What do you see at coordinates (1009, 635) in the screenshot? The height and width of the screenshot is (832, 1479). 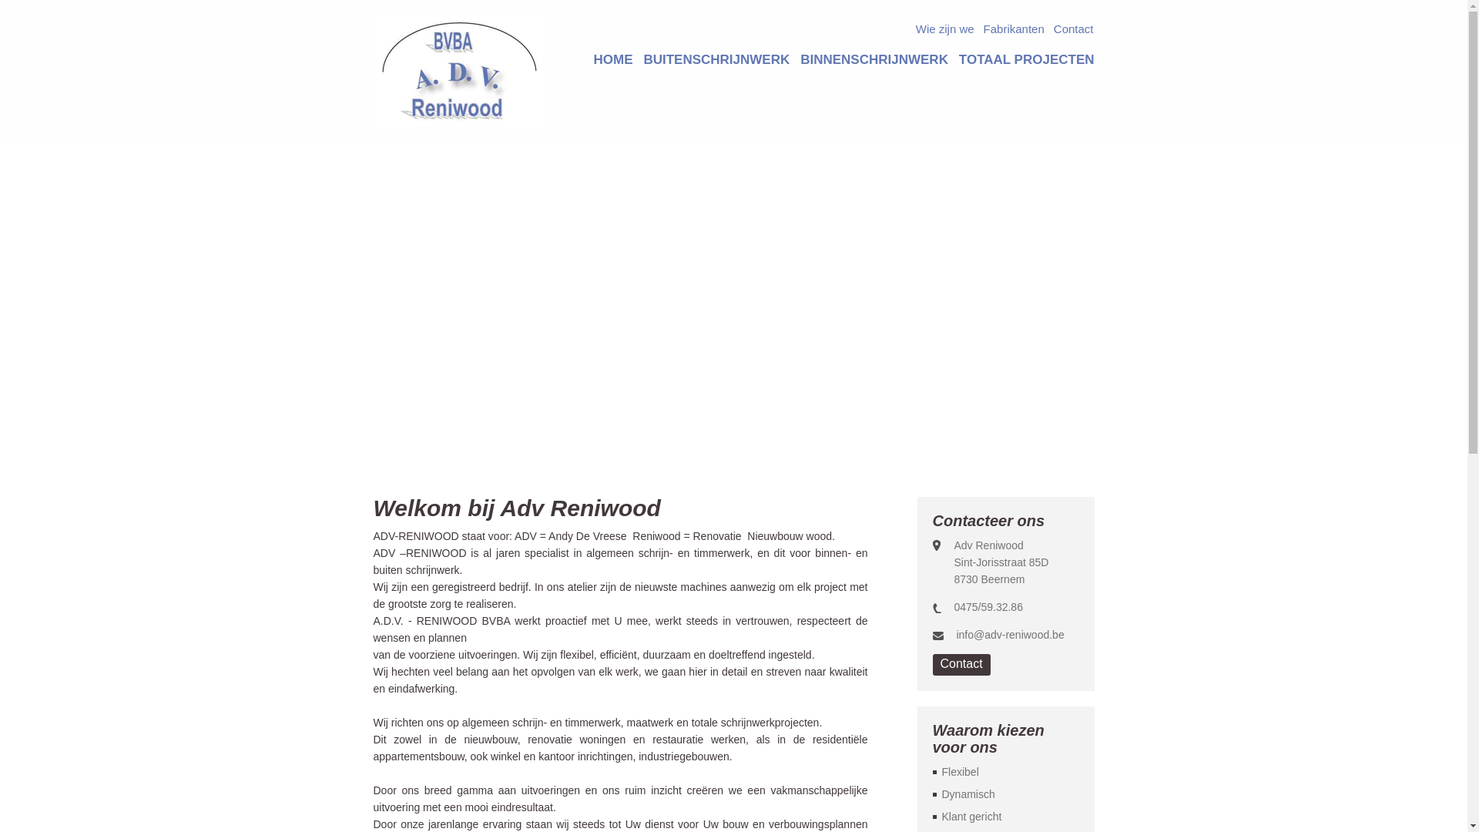 I see `'info@adv-reniwood.be'` at bounding box center [1009, 635].